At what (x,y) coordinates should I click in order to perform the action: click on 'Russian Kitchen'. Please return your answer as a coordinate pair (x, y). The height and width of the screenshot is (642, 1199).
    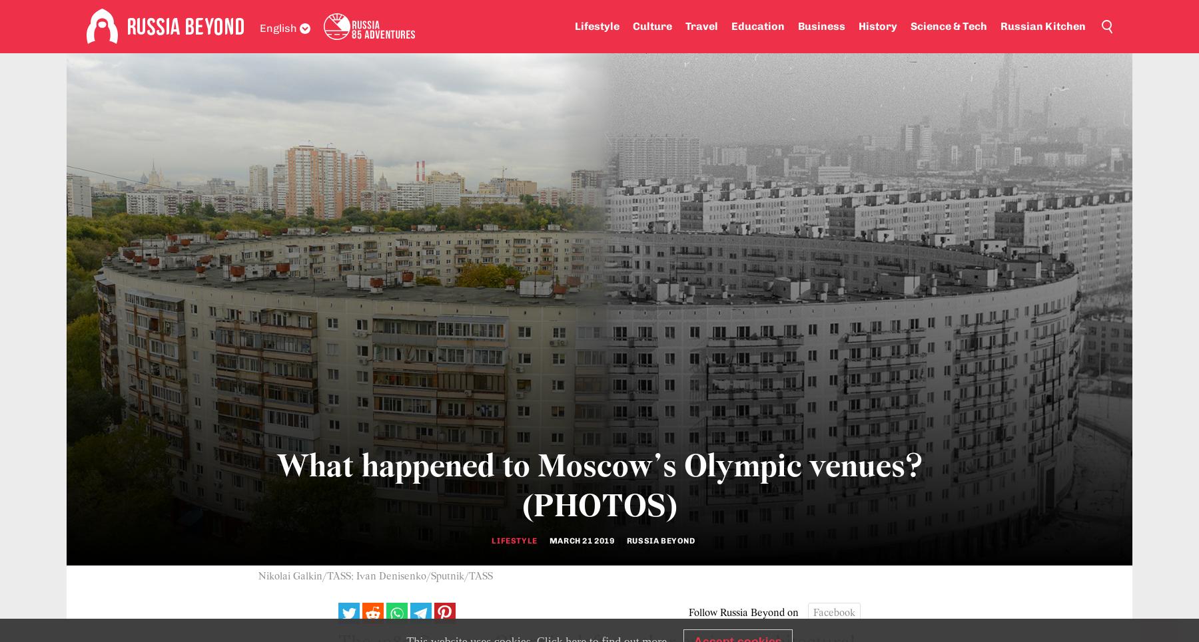
    Looking at the image, I should click on (1000, 26).